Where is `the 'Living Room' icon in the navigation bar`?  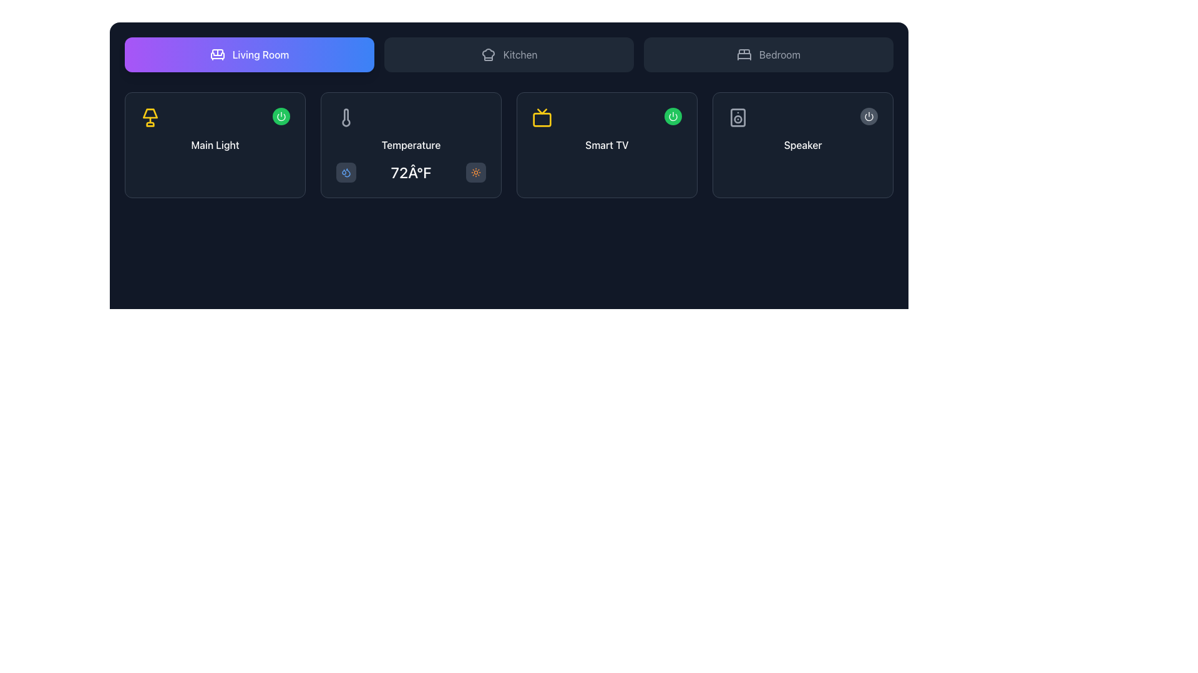 the 'Living Room' icon in the navigation bar is located at coordinates (217, 54).